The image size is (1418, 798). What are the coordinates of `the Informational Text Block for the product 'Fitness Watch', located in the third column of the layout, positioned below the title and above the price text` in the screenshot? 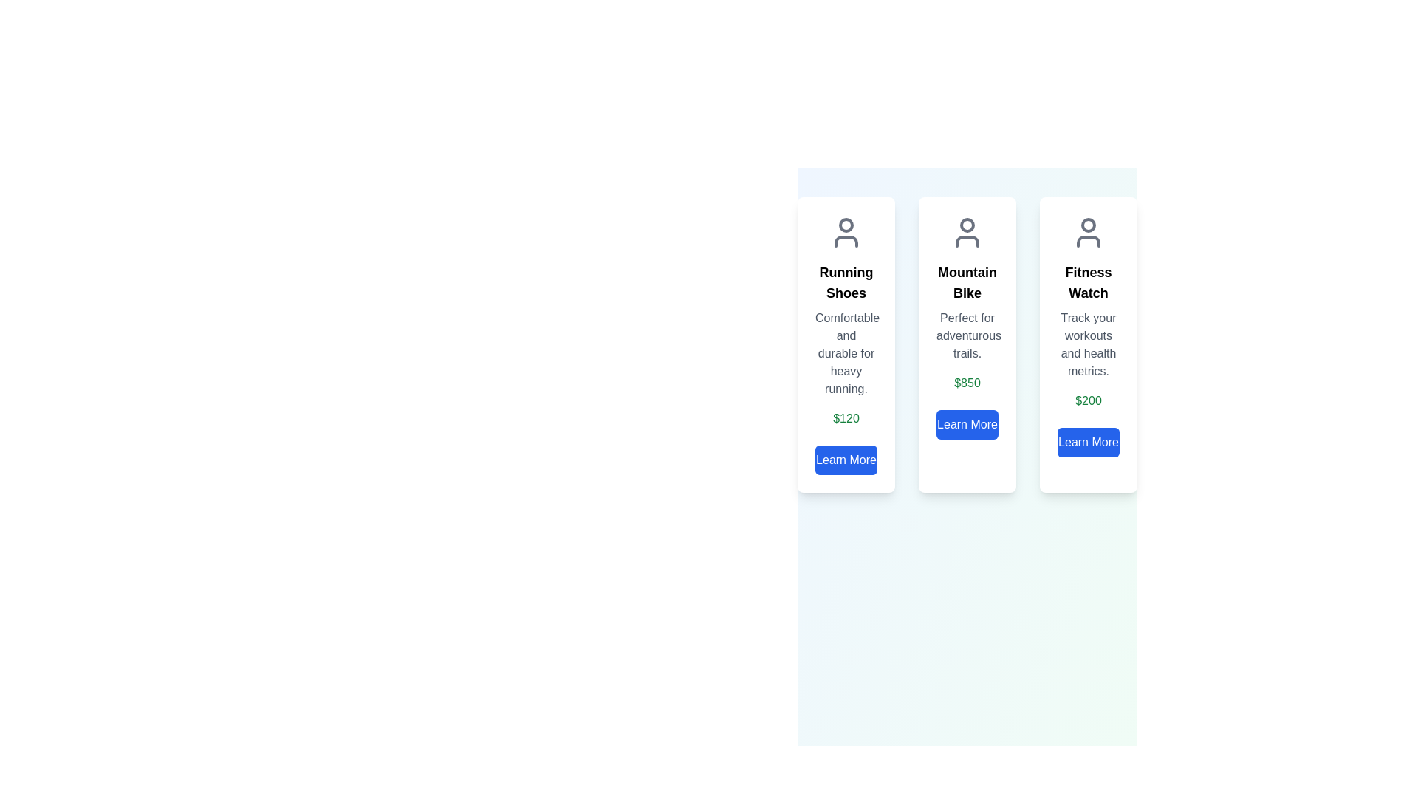 It's located at (1088, 344).